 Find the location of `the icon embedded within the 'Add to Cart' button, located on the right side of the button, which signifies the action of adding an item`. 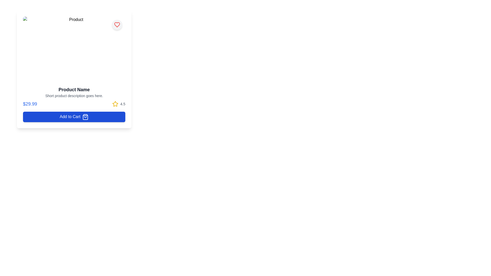

the icon embedded within the 'Add to Cart' button, located on the right side of the button, which signifies the action of adding an item is located at coordinates (85, 117).